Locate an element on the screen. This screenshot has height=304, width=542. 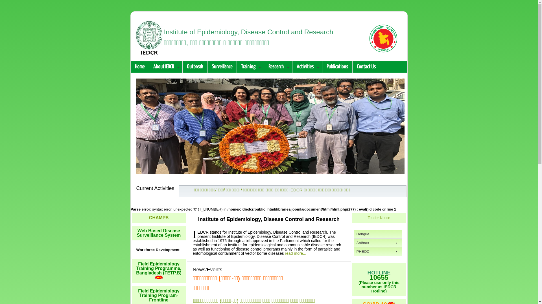
'CHAMPS' is located at coordinates (158, 217).